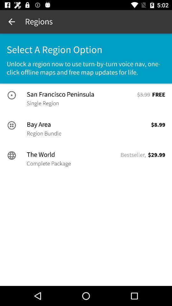  I want to click on the icon next to $3.99 item, so click(43, 103).